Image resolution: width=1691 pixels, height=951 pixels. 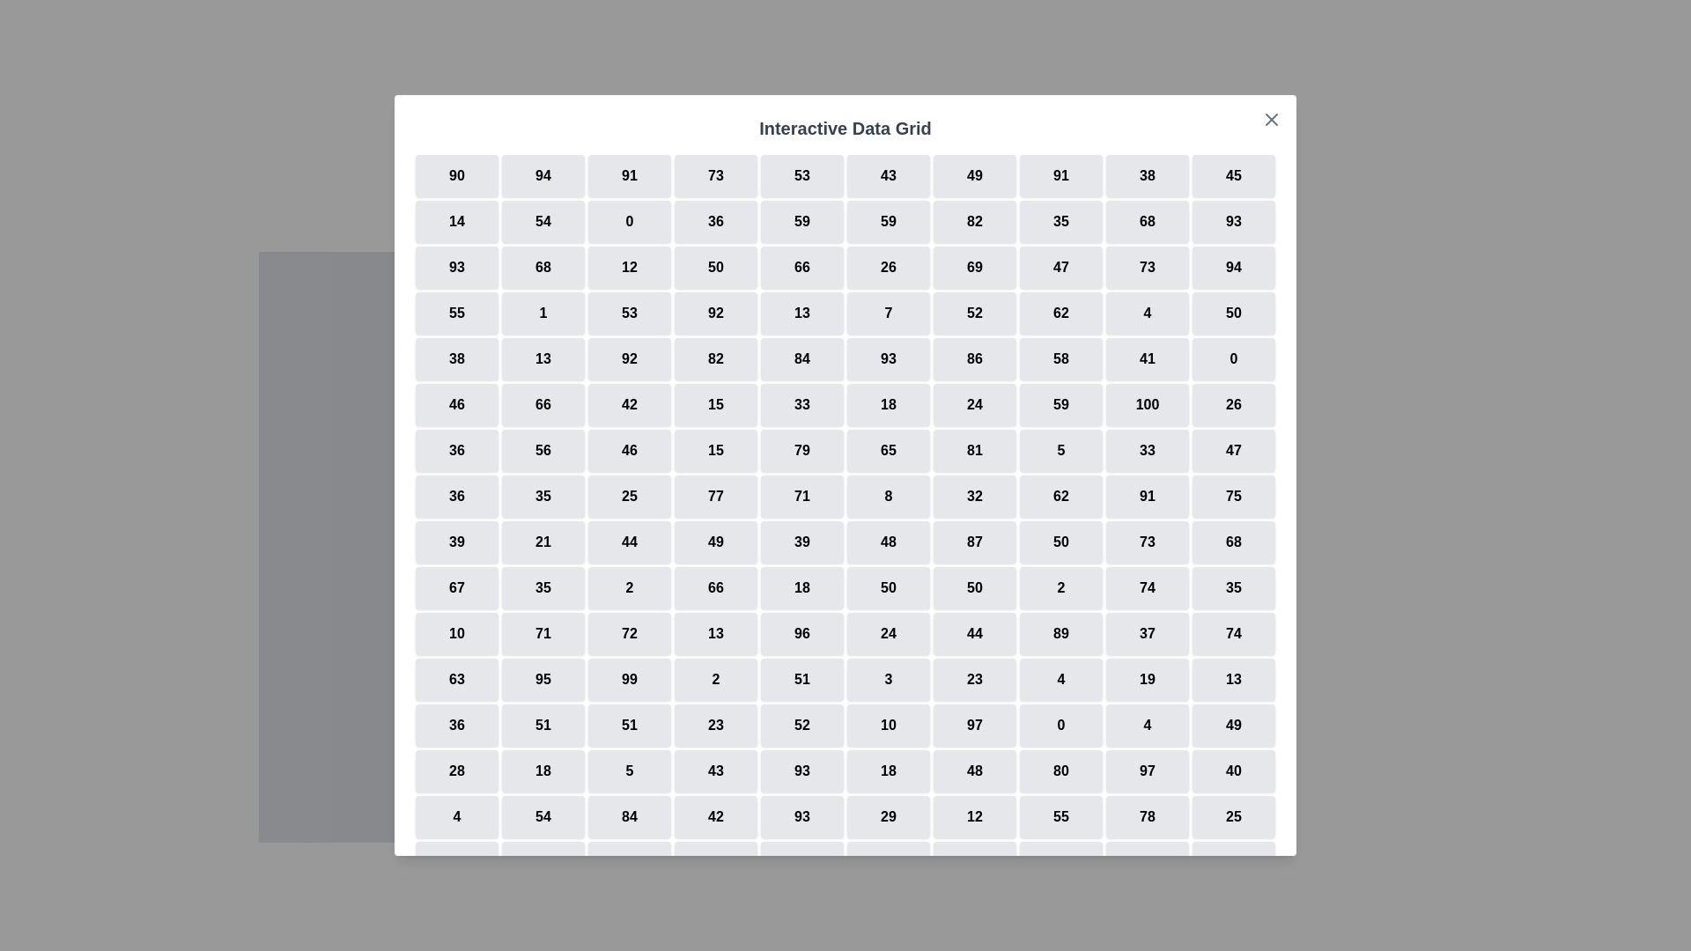 I want to click on the close button to close the dialog, so click(x=1272, y=119).